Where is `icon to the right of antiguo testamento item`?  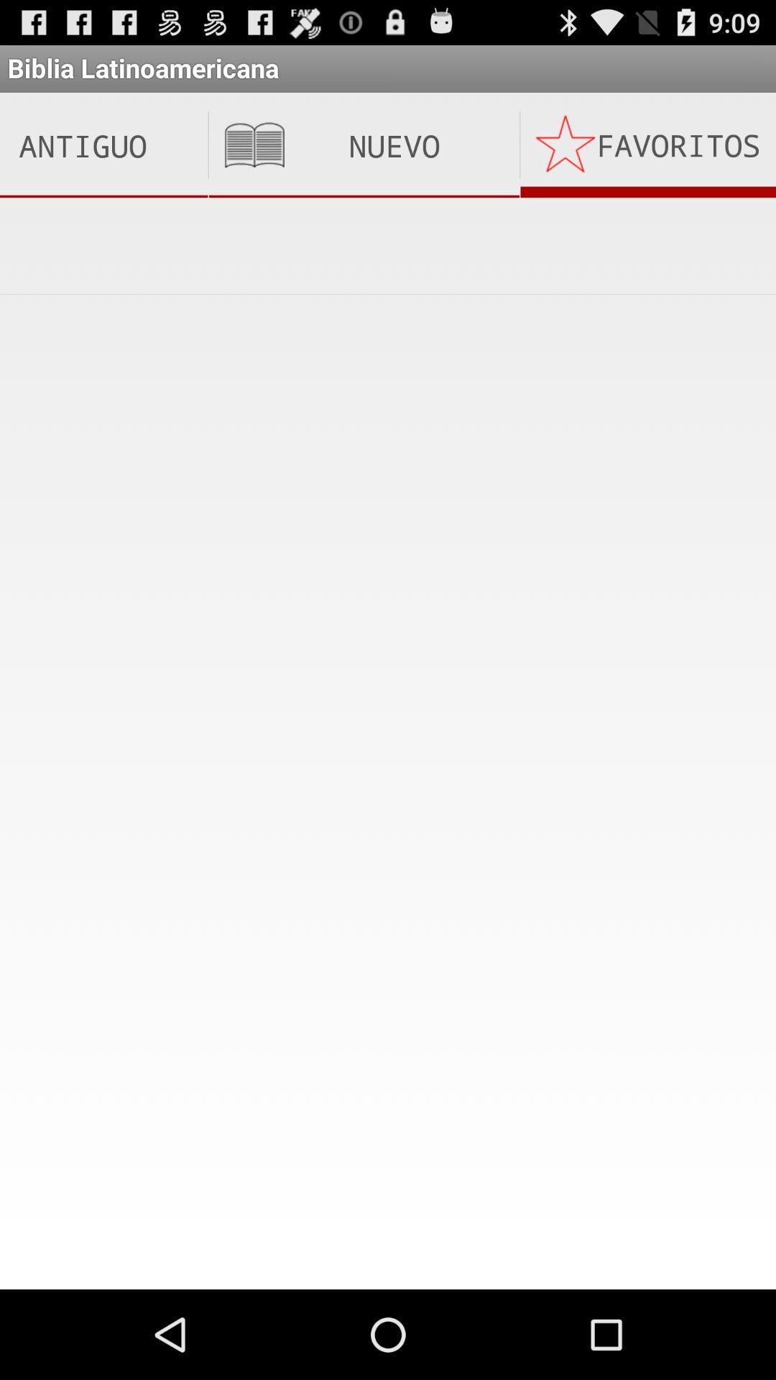 icon to the right of antiguo testamento item is located at coordinates (363, 145).